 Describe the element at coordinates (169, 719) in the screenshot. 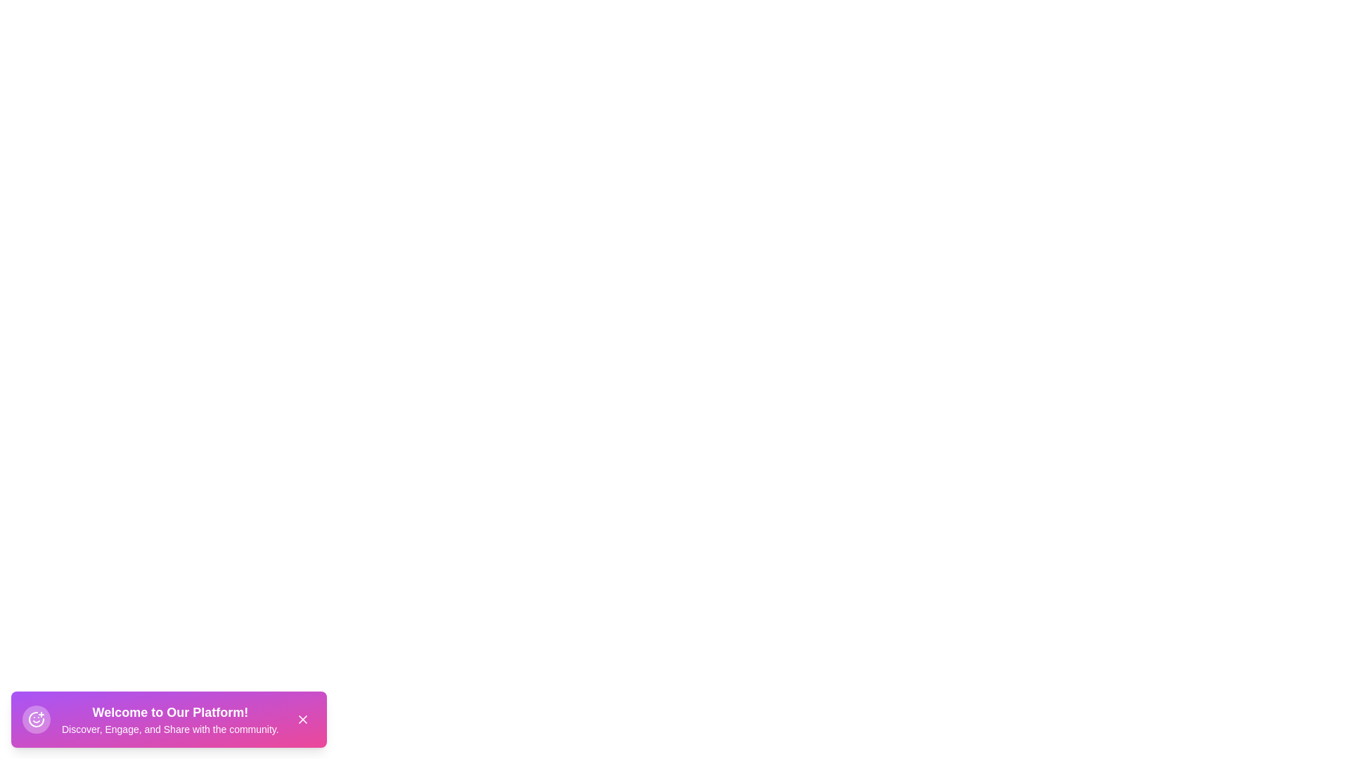

I see `the center of the snackbar container` at that location.